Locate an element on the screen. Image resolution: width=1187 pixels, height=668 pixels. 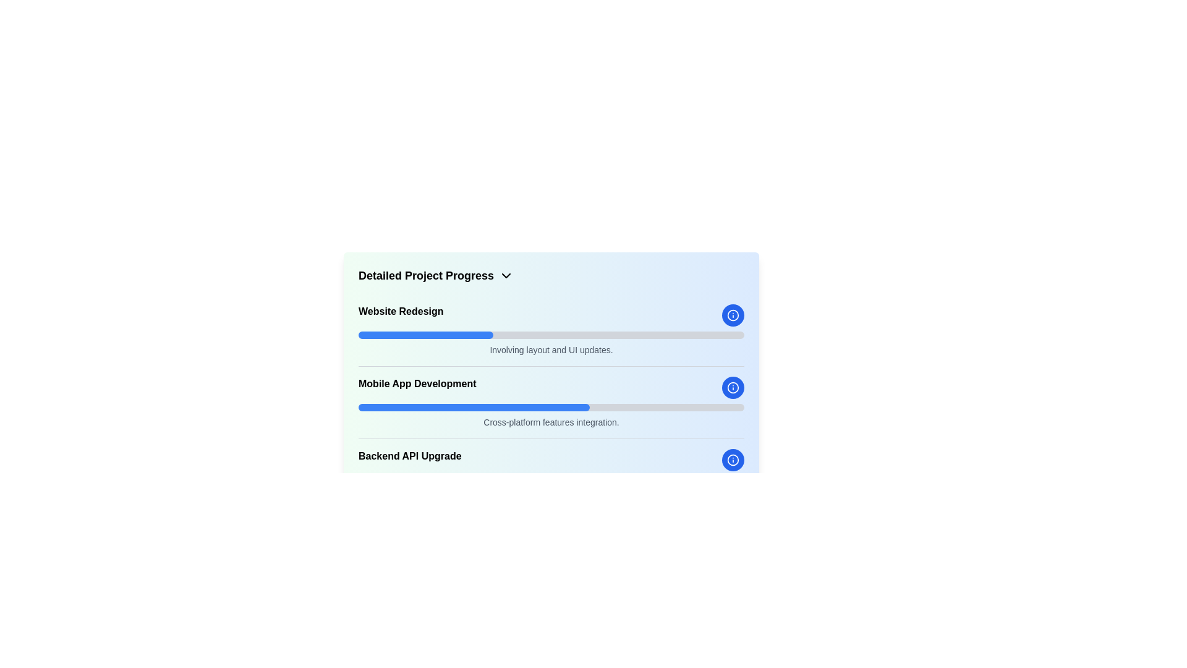
the 'Website Redesign' text label, which is styled in bold and medium font, located near the top of the project progress items list, above a progress bar is located at coordinates (401, 314).